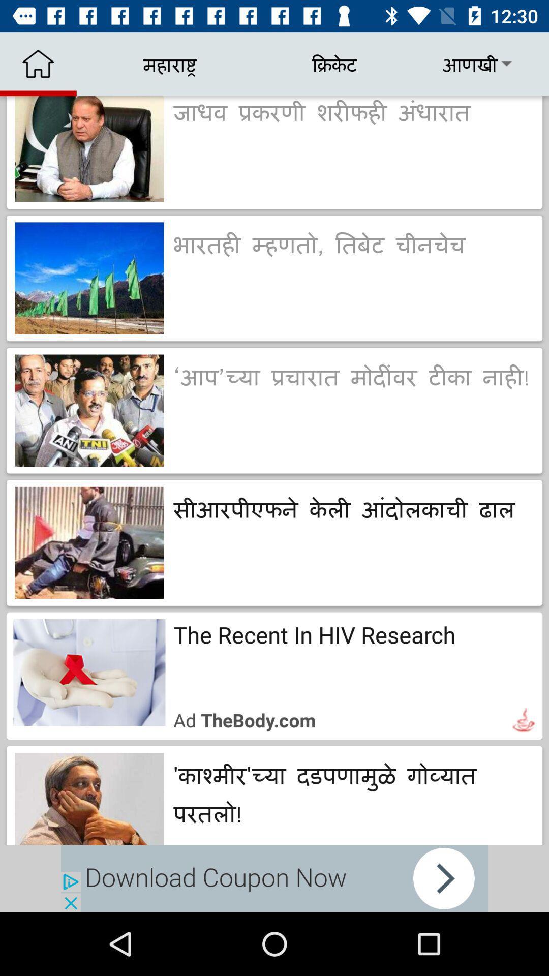  I want to click on opens advertisement, so click(274, 878).